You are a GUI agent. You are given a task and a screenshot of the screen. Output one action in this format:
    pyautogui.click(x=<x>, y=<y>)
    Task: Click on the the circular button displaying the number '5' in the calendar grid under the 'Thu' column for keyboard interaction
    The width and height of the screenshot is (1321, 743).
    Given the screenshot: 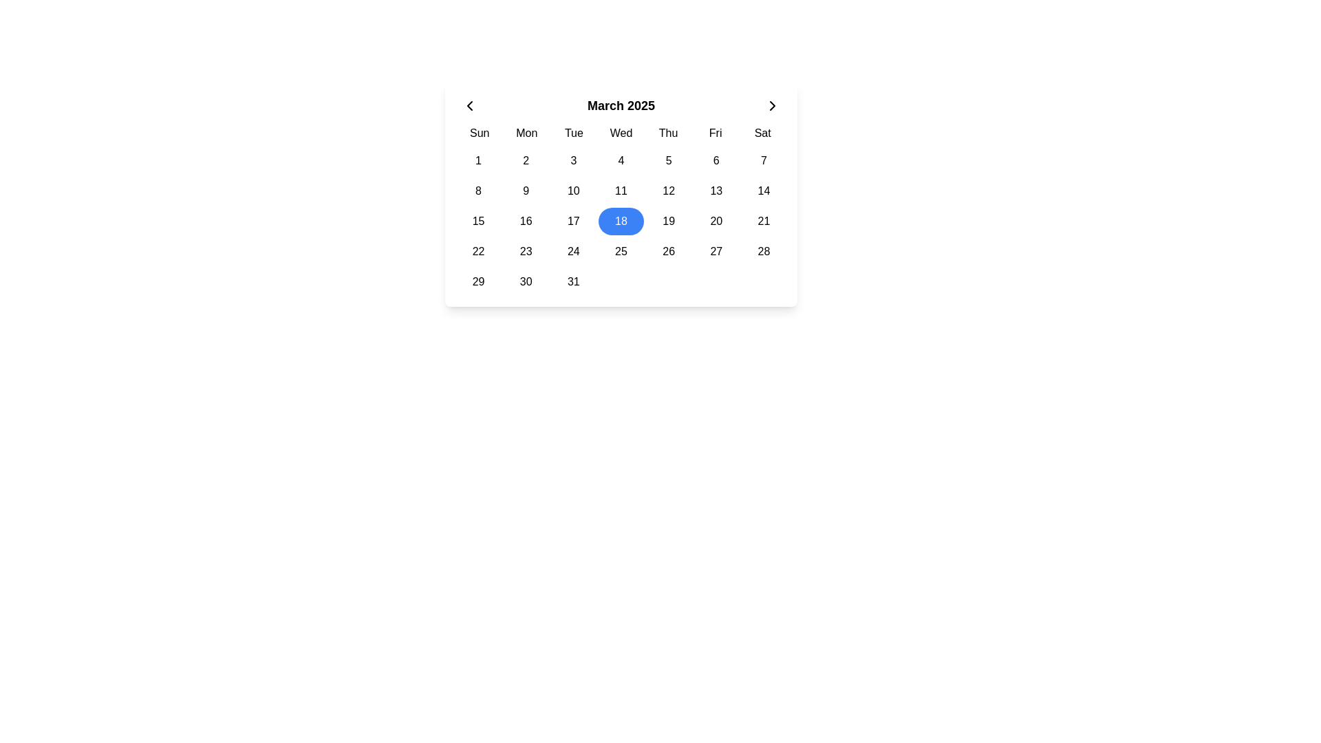 What is the action you would take?
    pyautogui.click(x=669, y=160)
    